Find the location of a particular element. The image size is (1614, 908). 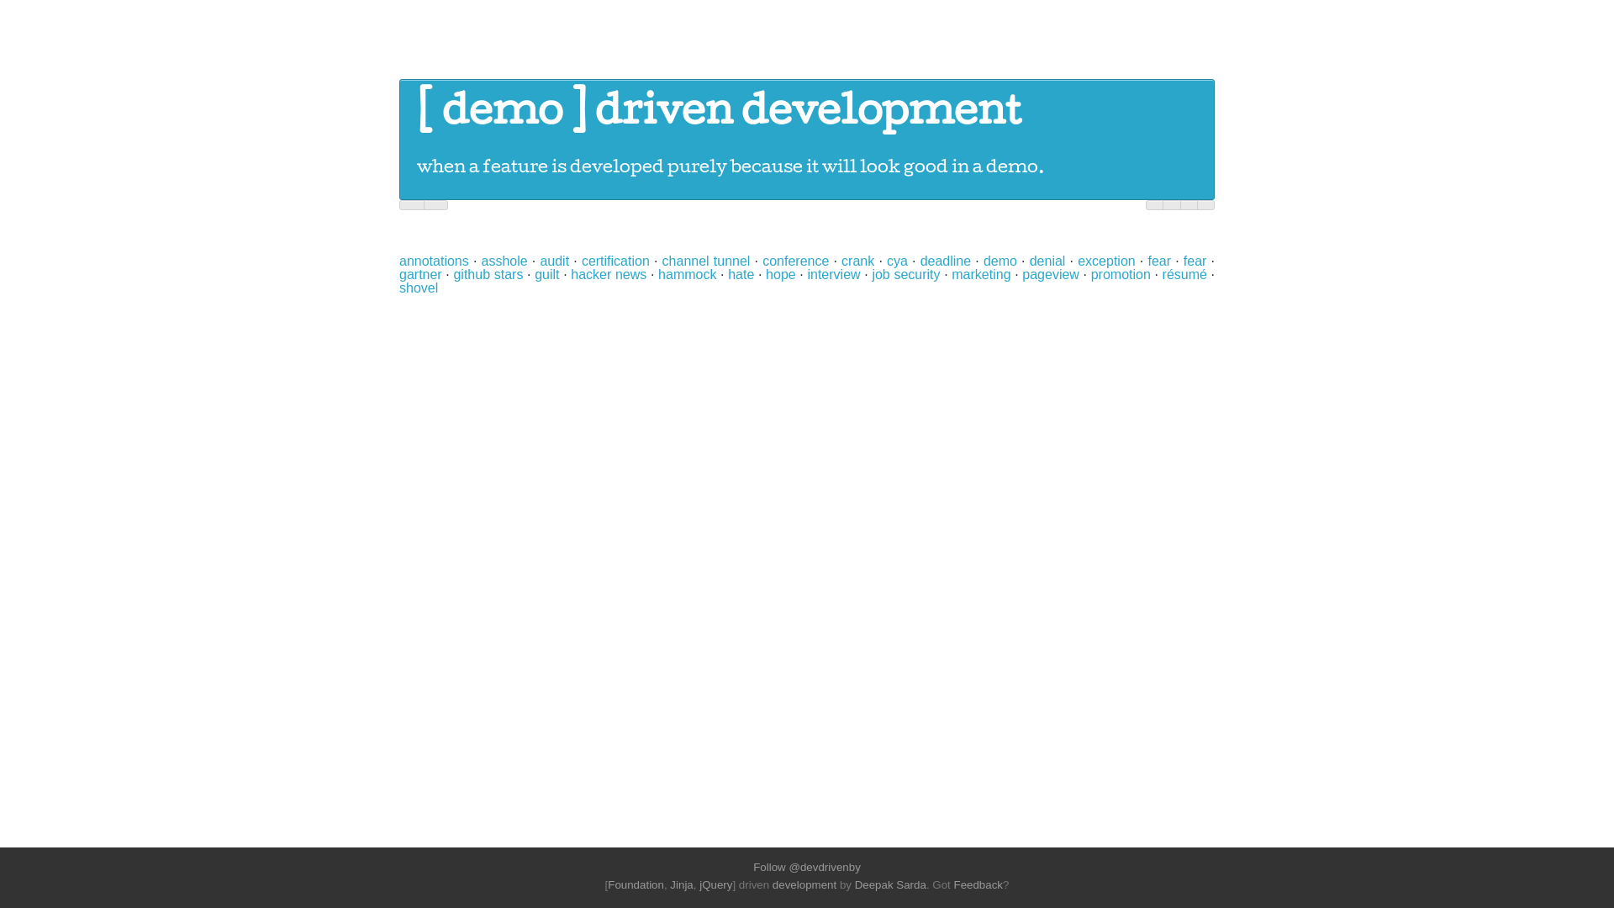

'gartner' is located at coordinates (398, 273).